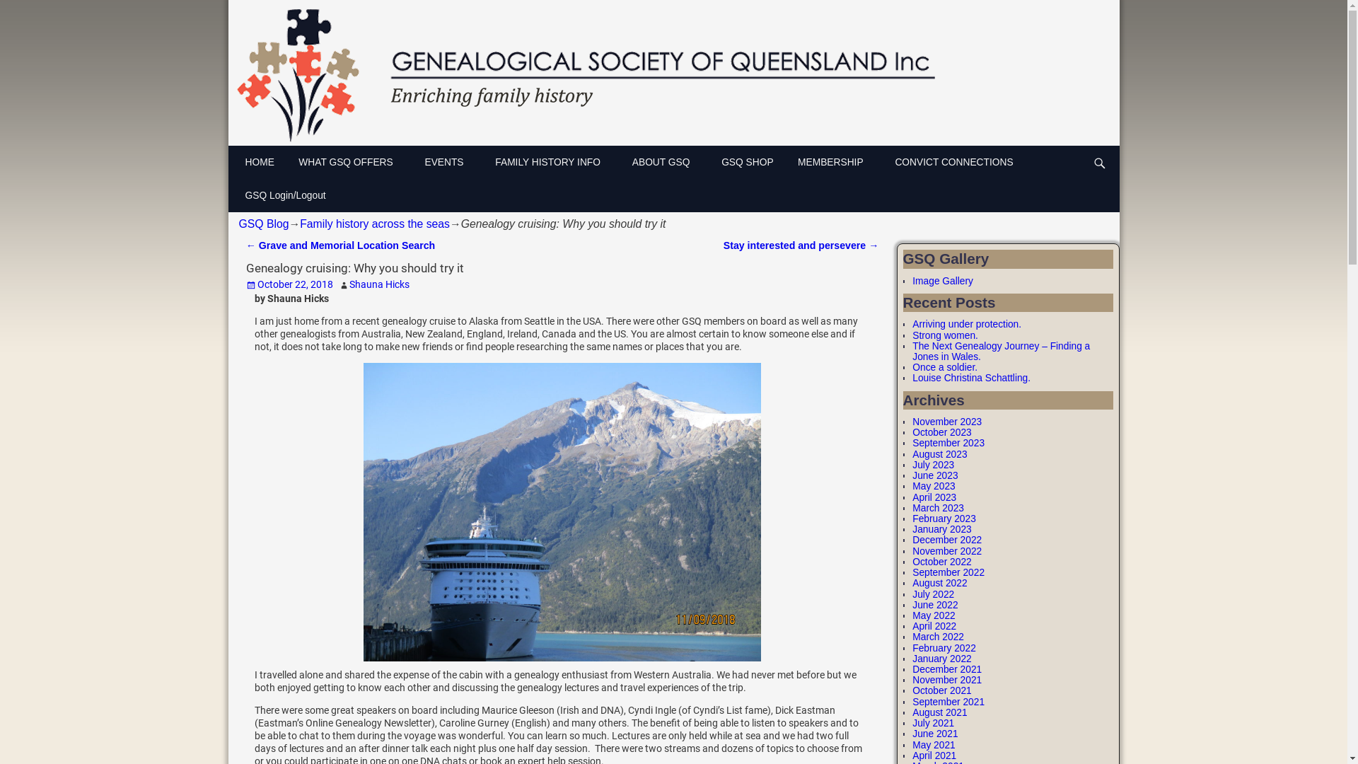  I want to click on 'November 2022', so click(947, 550).